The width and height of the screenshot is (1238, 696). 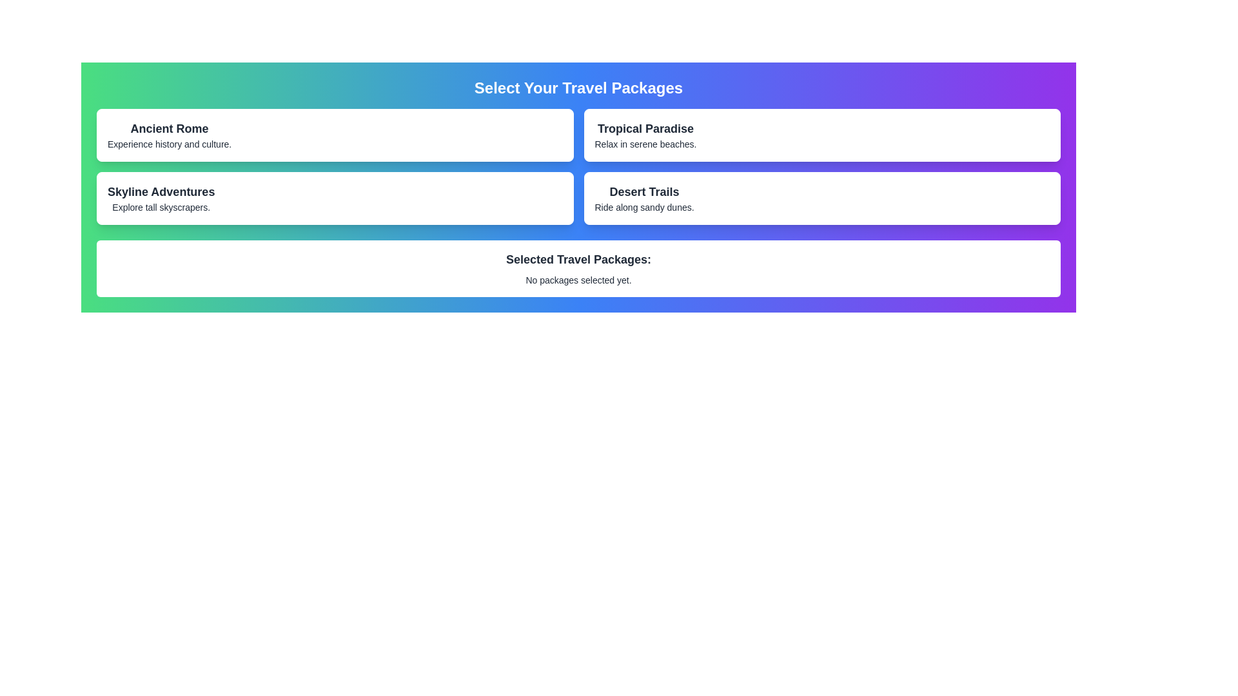 I want to click on the title text label for the 'Desert Trails' travel package option located in the lower right portion of the grid layout, so click(x=644, y=191).